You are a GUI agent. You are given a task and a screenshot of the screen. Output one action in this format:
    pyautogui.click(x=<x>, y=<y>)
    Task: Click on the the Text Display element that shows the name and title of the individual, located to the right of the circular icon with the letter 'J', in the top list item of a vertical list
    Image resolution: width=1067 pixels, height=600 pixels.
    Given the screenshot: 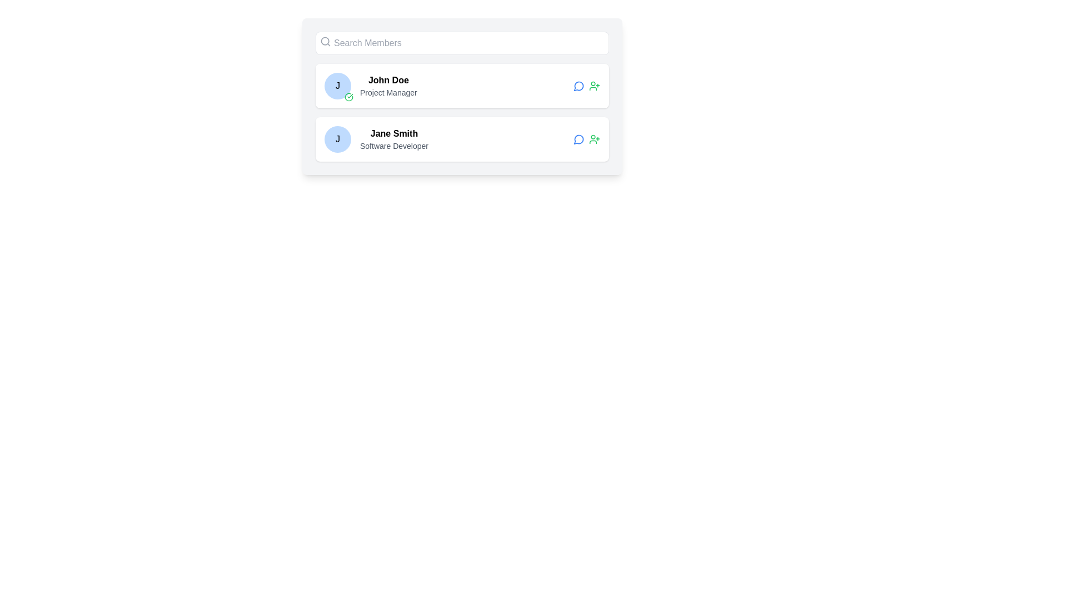 What is the action you would take?
    pyautogui.click(x=388, y=85)
    